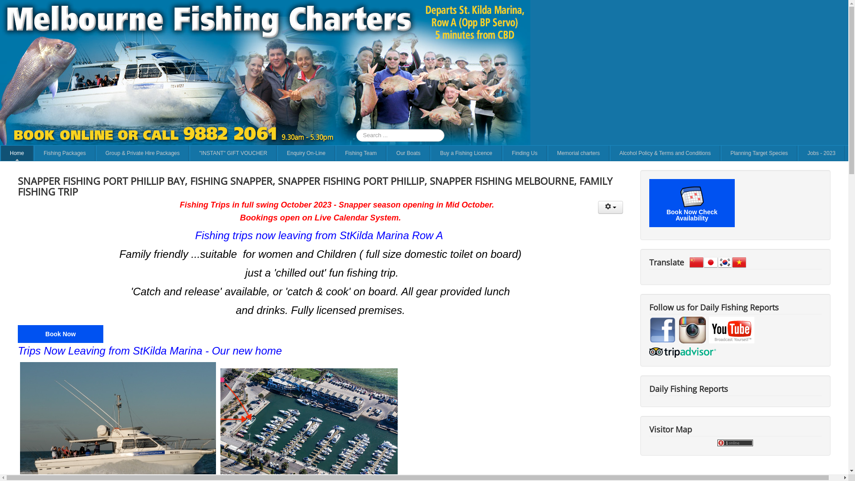 Image resolution: width=855 pixels, height=481 pixels. Describe the element at coordinates (17, 334) in the screenshot. I see `'Book Now'` at that location.